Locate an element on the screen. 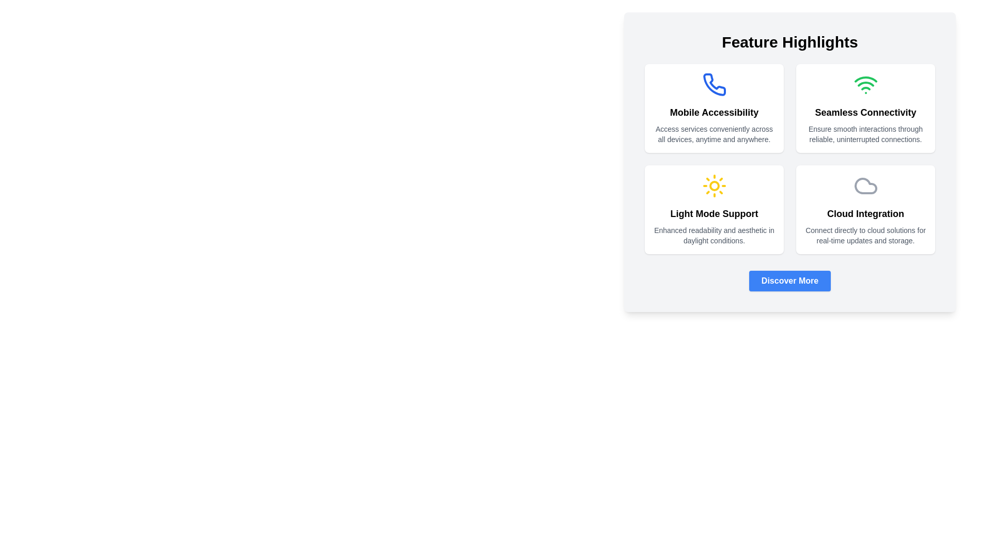 The image size is (992, 558). the 'Discover More' button, which has a blue background and white bold text, located at the bottom center of the 'Feature Highlights' section is located at coordinates (789, 281).